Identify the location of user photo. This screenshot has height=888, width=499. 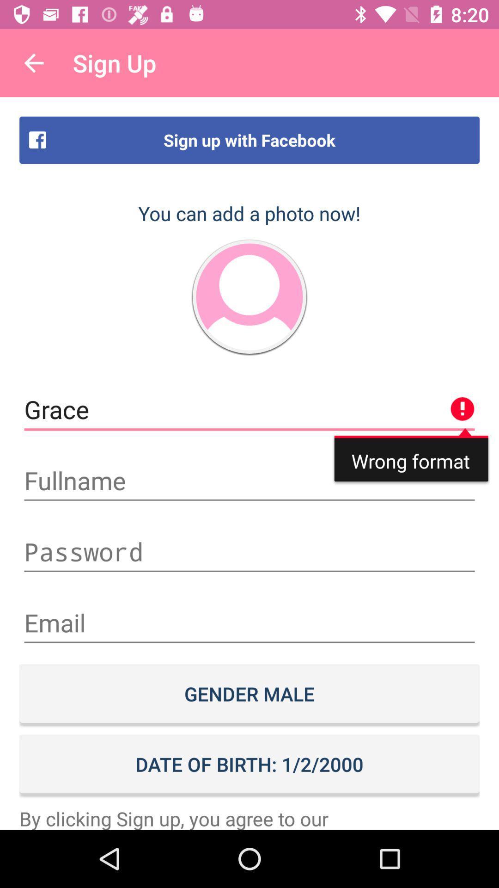
(249, 297).